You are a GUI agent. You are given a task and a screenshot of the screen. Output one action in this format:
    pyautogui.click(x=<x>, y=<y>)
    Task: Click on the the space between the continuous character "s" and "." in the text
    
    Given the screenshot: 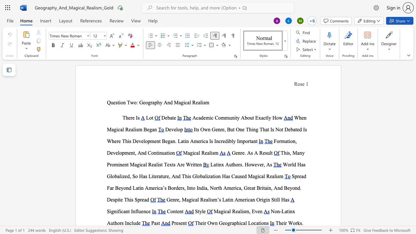 What is the action you would take?
    pyautogui.click(x=301, y=223)
    